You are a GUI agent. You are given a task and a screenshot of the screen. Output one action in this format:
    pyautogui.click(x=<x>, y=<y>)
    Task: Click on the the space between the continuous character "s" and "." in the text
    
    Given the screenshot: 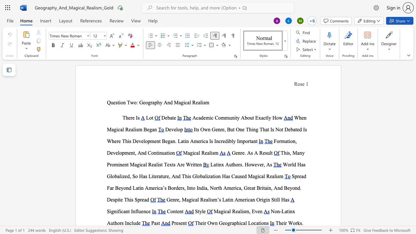 What is the action you would take?
    pyautogui.click(x=301, y=223)
    